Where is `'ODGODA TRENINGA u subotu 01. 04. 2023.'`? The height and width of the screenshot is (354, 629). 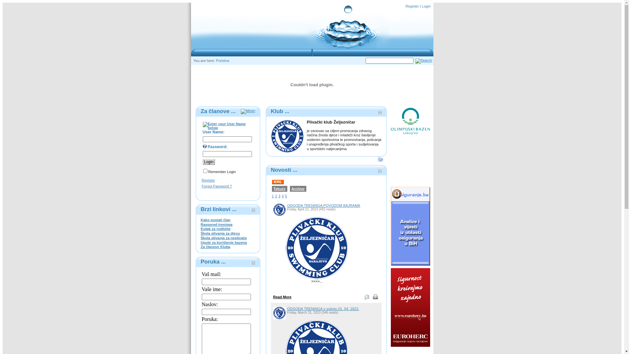
'ODGODA TRENINGA u subotu 01. 04. 2023.' is located at coordinates (323, 308).